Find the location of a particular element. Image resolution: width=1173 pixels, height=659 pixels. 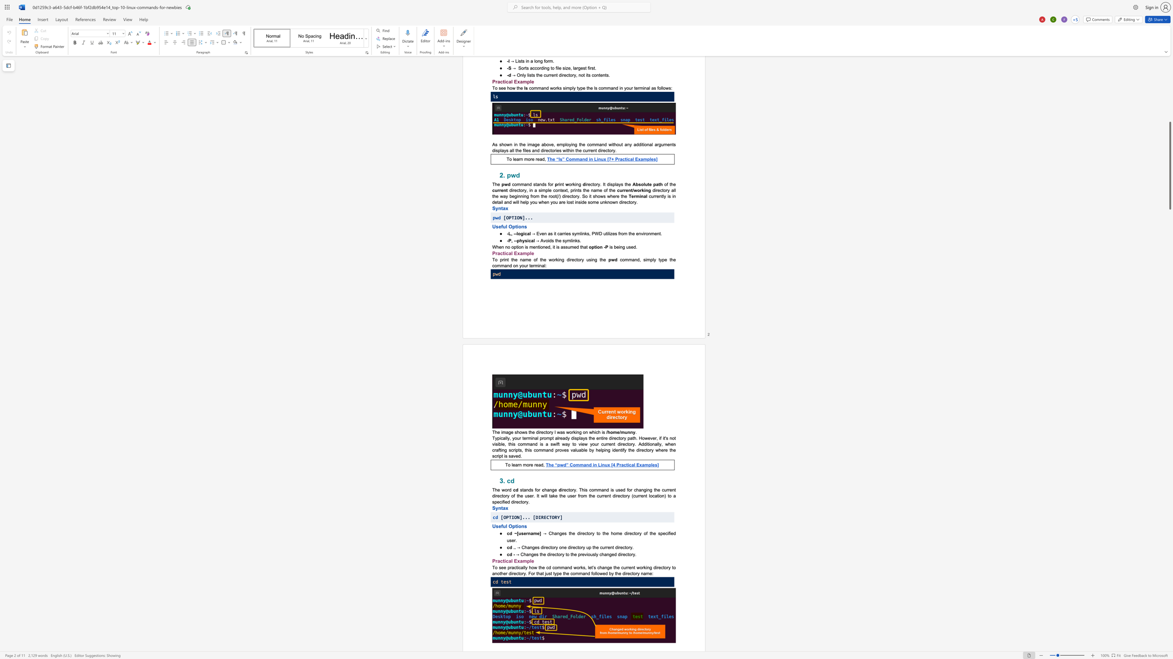

the scrollbar on the right side to scroll the page up is located at coordinates (1169, 79).